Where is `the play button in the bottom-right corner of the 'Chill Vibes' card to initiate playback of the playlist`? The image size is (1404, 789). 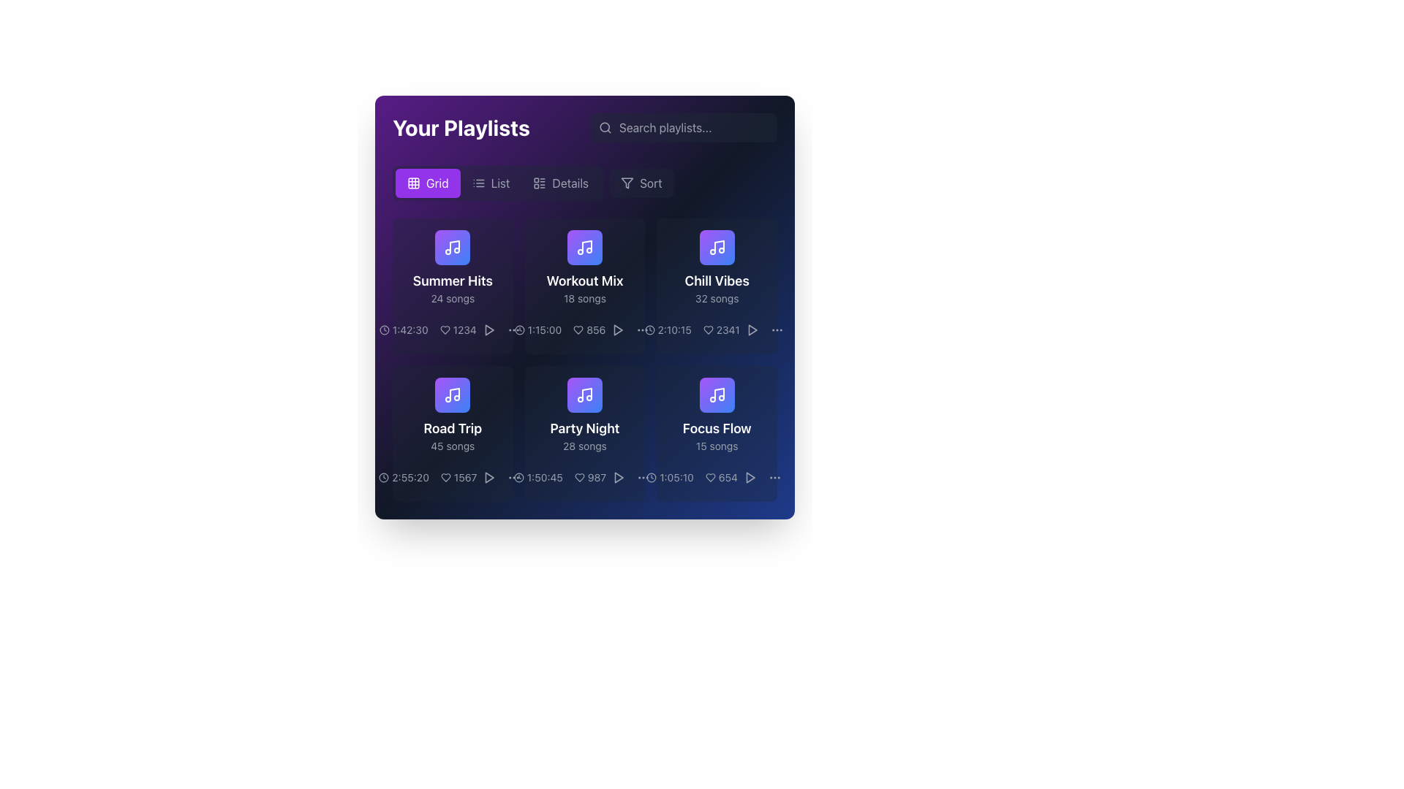
the play button in the bottom-right corner of the 'Chill Vibes' card to initiate playback of the playlist is located at coordinates (752, 329).